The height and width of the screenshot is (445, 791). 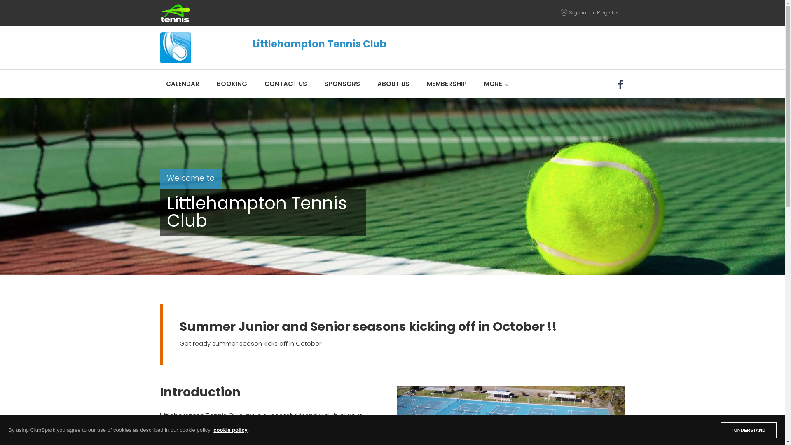 I want to click on 'cookie policy', so click(x=230, y=430).